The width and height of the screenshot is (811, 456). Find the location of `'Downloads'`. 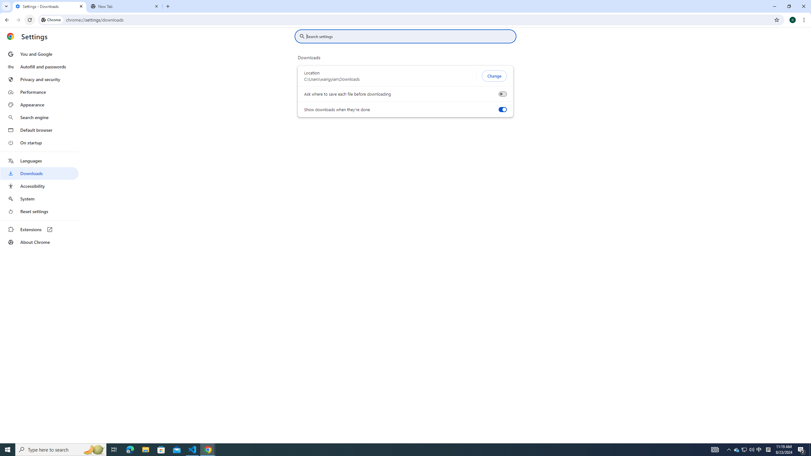

'Downloads' is located at coordinates (39, 173).